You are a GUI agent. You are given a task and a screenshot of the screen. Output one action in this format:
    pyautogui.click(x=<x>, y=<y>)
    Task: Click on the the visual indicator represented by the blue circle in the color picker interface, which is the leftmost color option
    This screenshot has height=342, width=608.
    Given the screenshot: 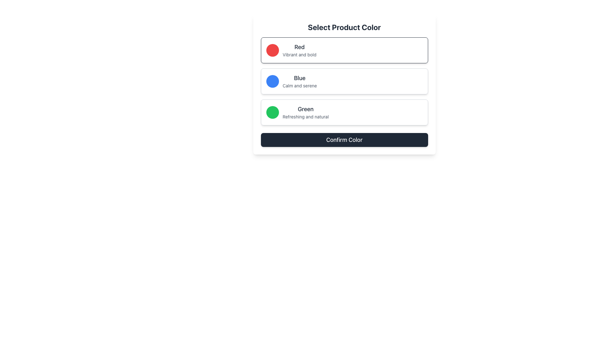 What is the action you would take?
    pyautogui.click(x=272, y=81)
    